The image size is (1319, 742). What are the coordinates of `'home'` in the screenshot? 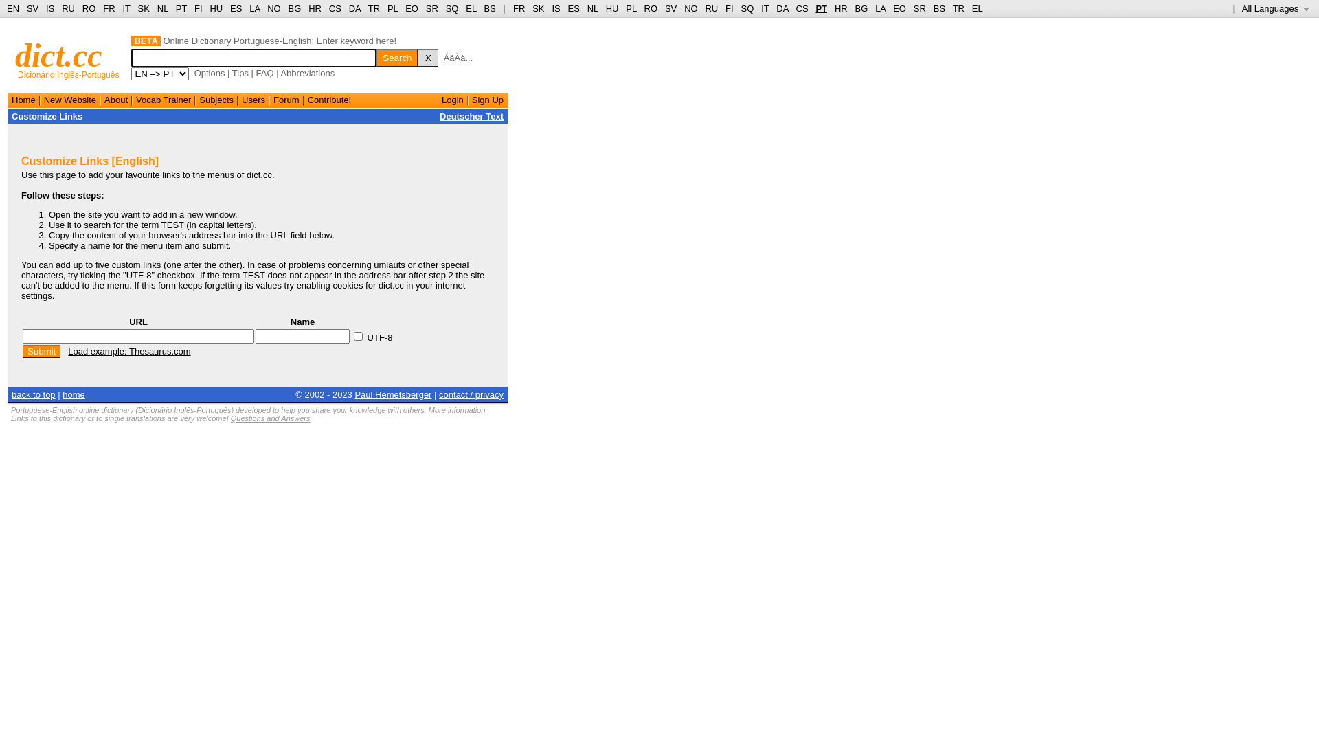 It's located at (62, 394).